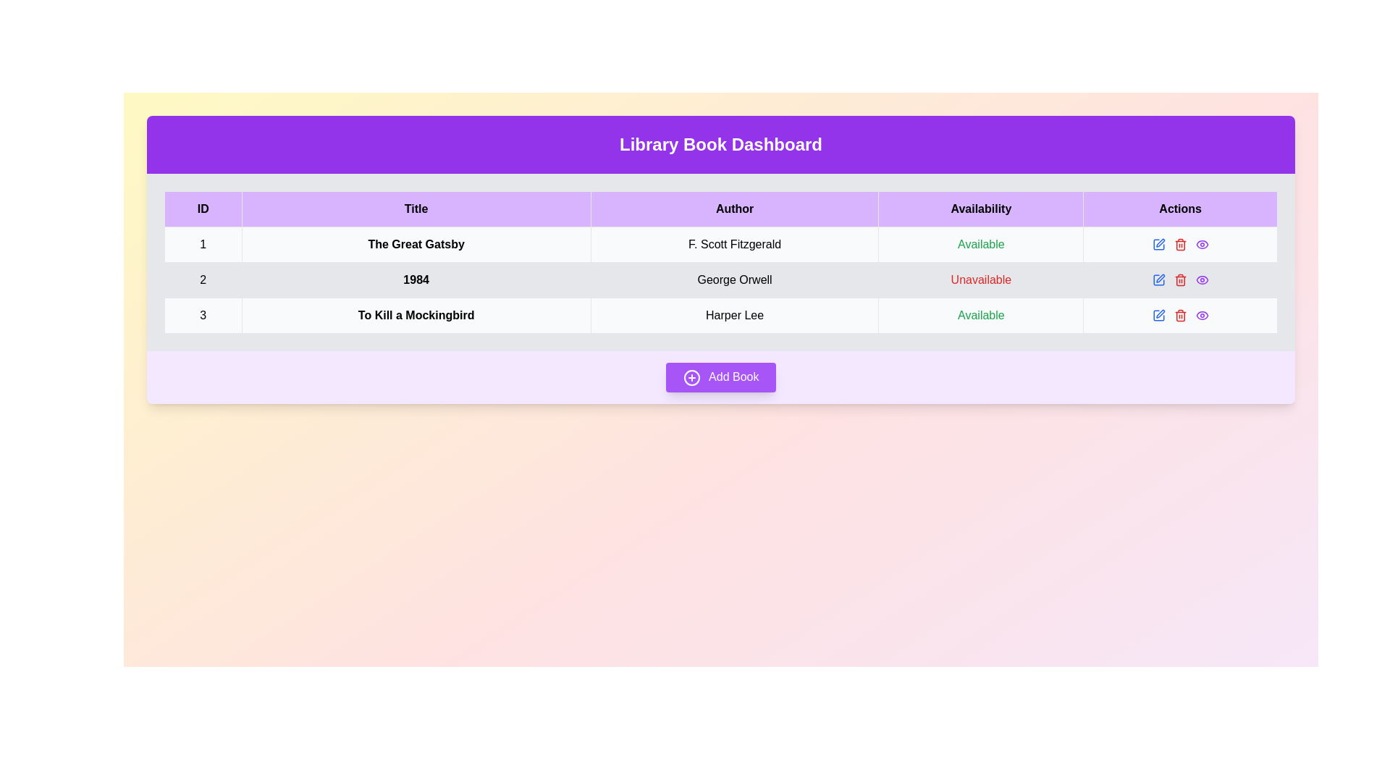 The width and height of the screenshot is (1390, 782). I want to click on the central text header that serves as the title for the dashboard interface, located at the top of the section, so click(721, 145).